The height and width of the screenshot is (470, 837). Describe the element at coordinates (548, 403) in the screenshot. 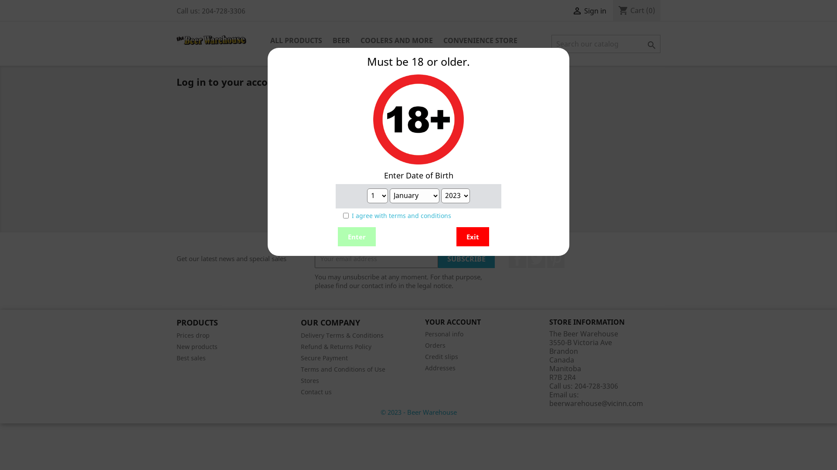

I see `'beerwarehouse@vicinn.com'` at that location.